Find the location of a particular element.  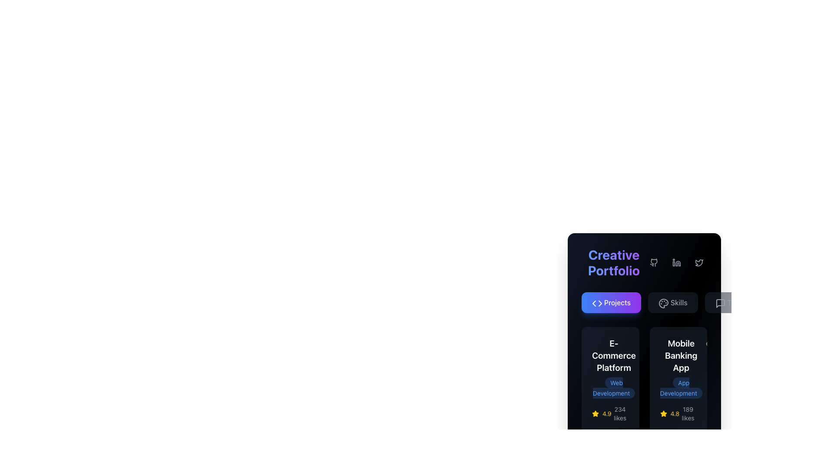

rating and like count from the Rating display element, which includes a yellow star icon and the text '4.8' followed by '189 likes', located in the second card of the 'Mobile Banking App' section is located at coordinates (678, 413).